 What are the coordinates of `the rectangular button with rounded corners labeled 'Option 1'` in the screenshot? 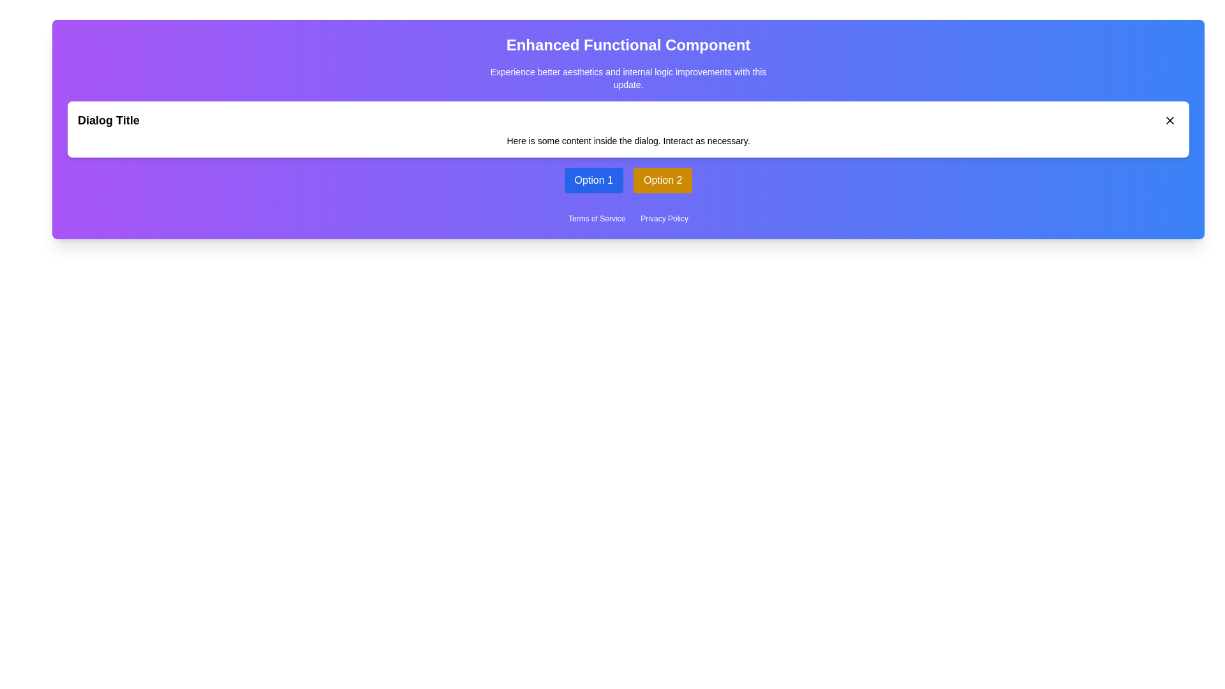 It's located at (593, 180).